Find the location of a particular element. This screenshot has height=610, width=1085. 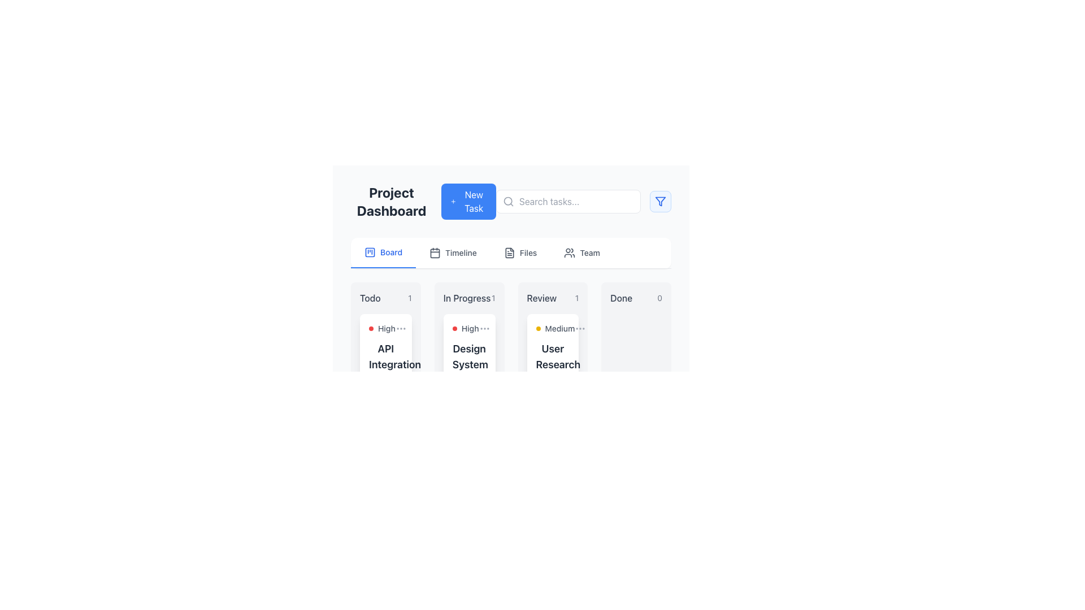

the decorative rounded rectangle within the calendar icon located in the navigation bar is located at coordinates (435, 252).